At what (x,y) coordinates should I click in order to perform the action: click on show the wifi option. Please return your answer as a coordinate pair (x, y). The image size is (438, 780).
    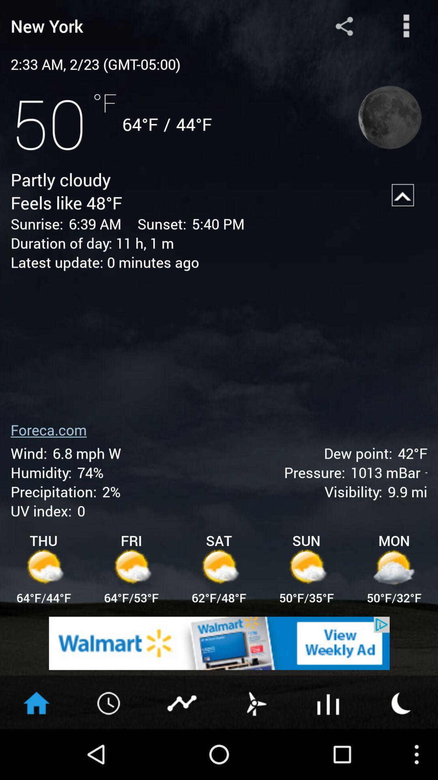
    Looking at the image, I should click on (328, 702).